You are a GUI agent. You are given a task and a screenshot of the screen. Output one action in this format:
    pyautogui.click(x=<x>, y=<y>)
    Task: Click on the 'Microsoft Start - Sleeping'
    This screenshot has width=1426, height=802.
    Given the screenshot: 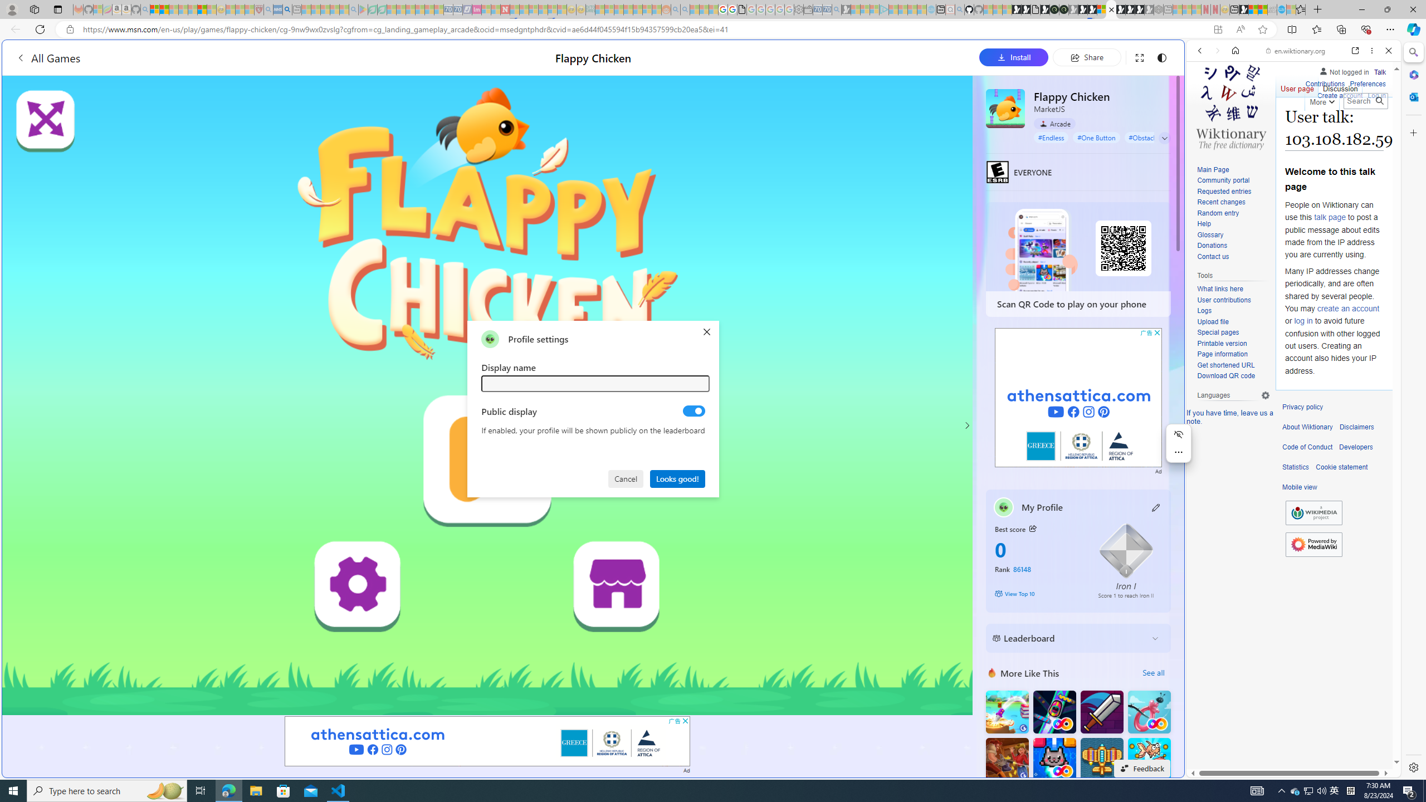 What is the action you would take?
    pyautogui.click(x=911, y=9)
    